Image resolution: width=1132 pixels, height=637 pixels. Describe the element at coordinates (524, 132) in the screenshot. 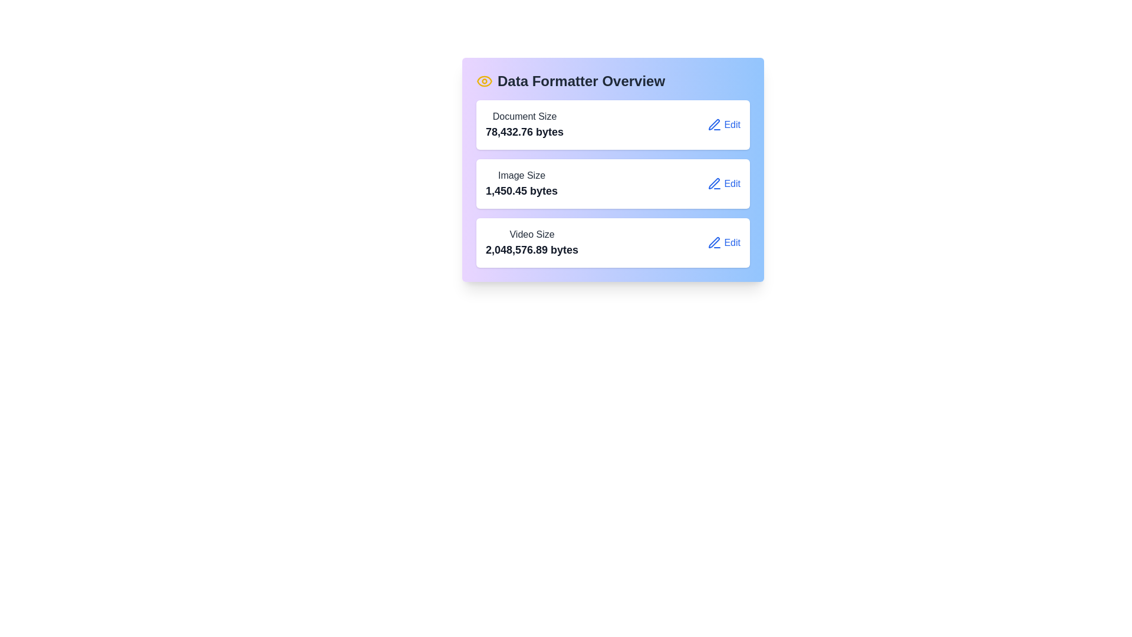

I see `the static text displaying '78,432.76 bytes' which is bold and dark gray, located beneath 'Document Size' in the 'Data Formatter Overview' panel` at that location.